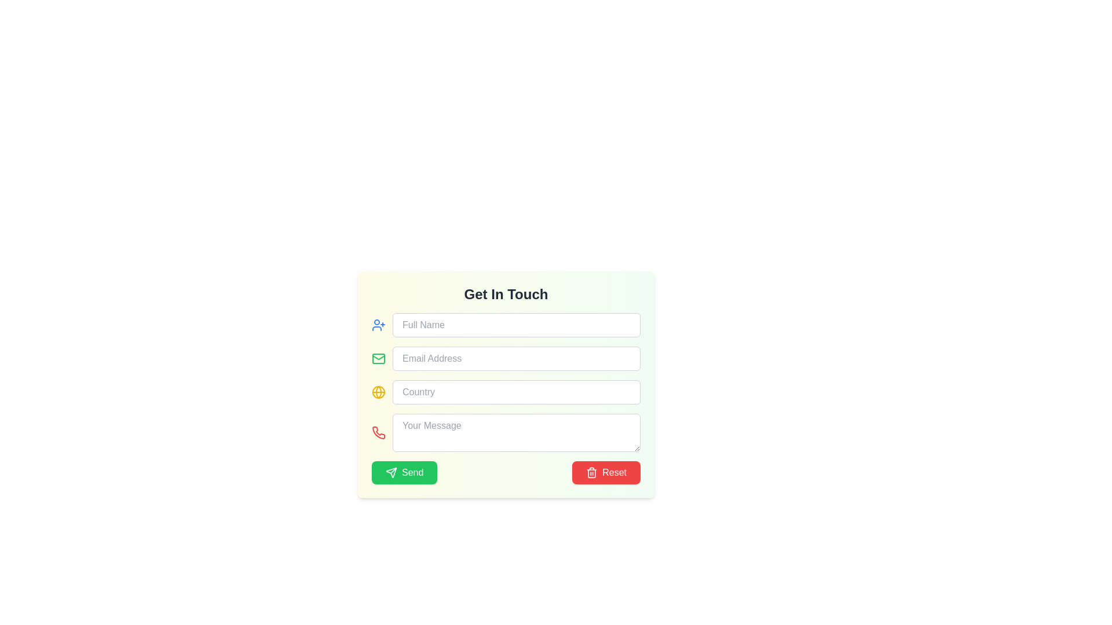 The width and height of the screenshot is (1112, 625). What do you see at coordinates (378, 358) in the screenshot?
I see `the decorative visual element in the SVG graphic representing the email icon, located beside the 'Email Address' input field` at bounding box center [378, 358].